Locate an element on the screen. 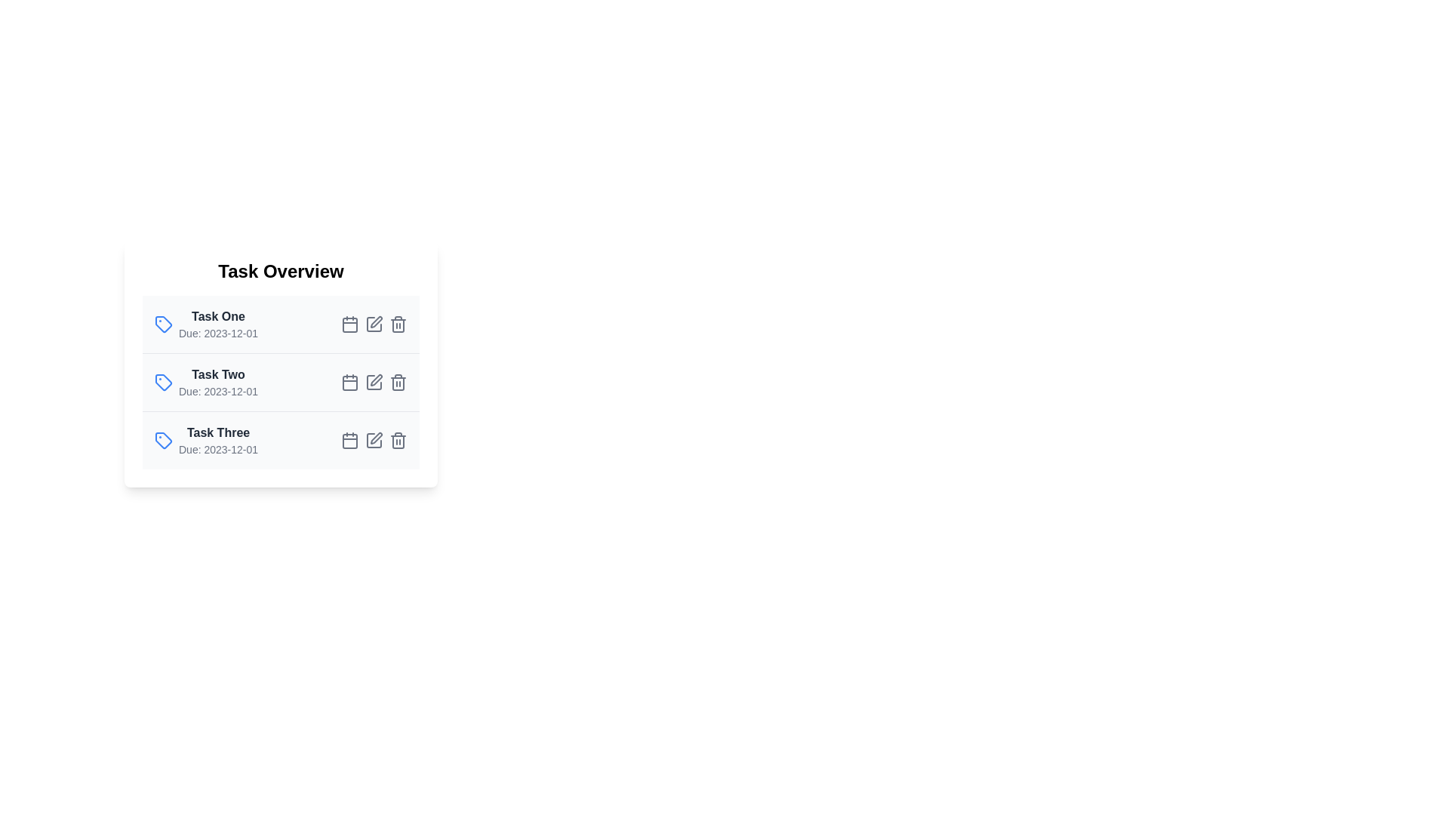 This screenshot has width=1449, height=815. the second entry is located at coordinates (281, 381).